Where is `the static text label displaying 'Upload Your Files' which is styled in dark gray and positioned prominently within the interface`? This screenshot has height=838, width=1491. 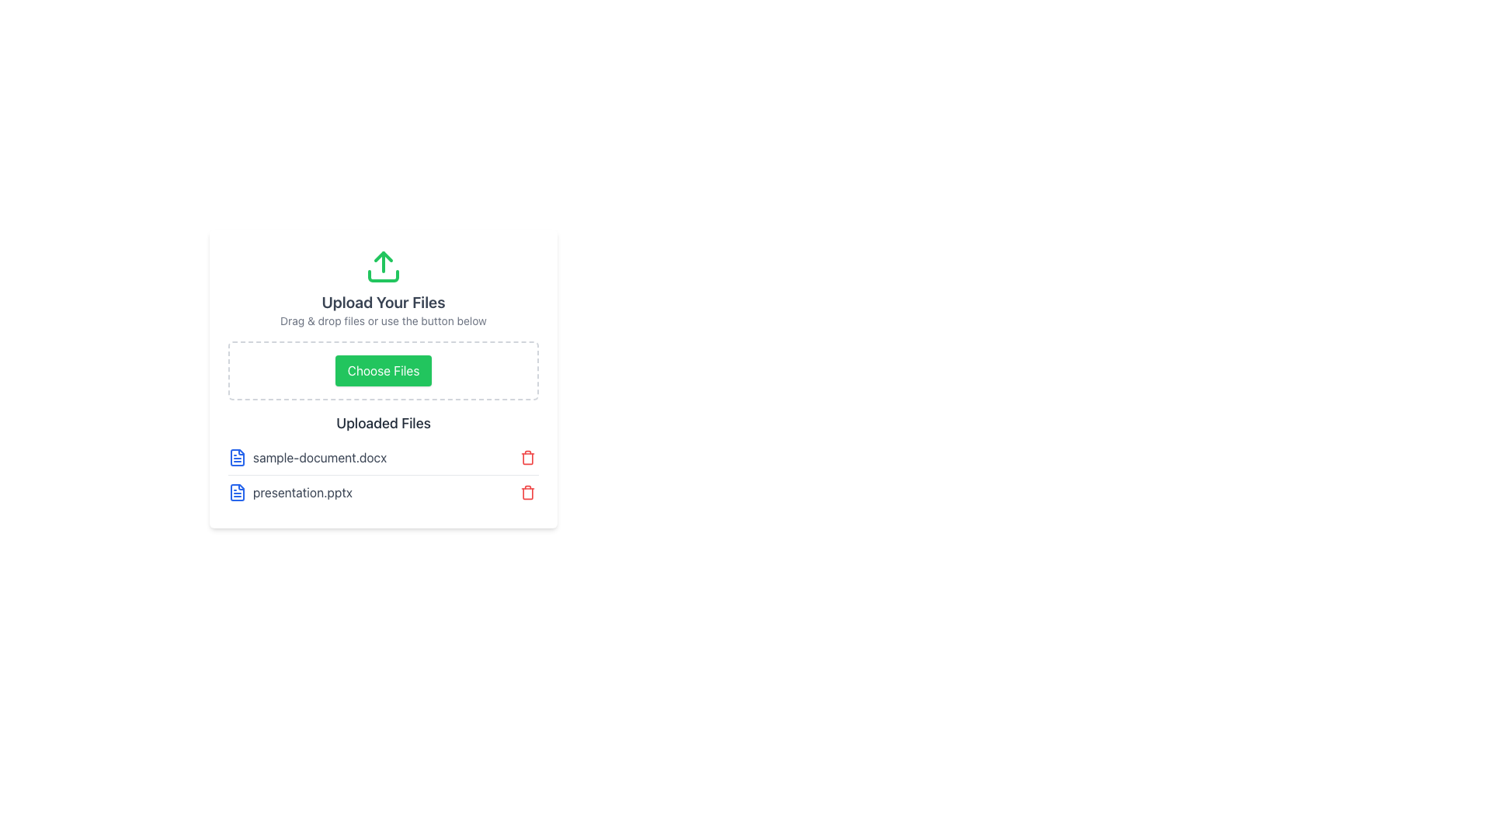
the static text label displaying 'Upload Your Files' which is styled in dark gray and positioned prominently within the interface is located at coordinates (384, 302).